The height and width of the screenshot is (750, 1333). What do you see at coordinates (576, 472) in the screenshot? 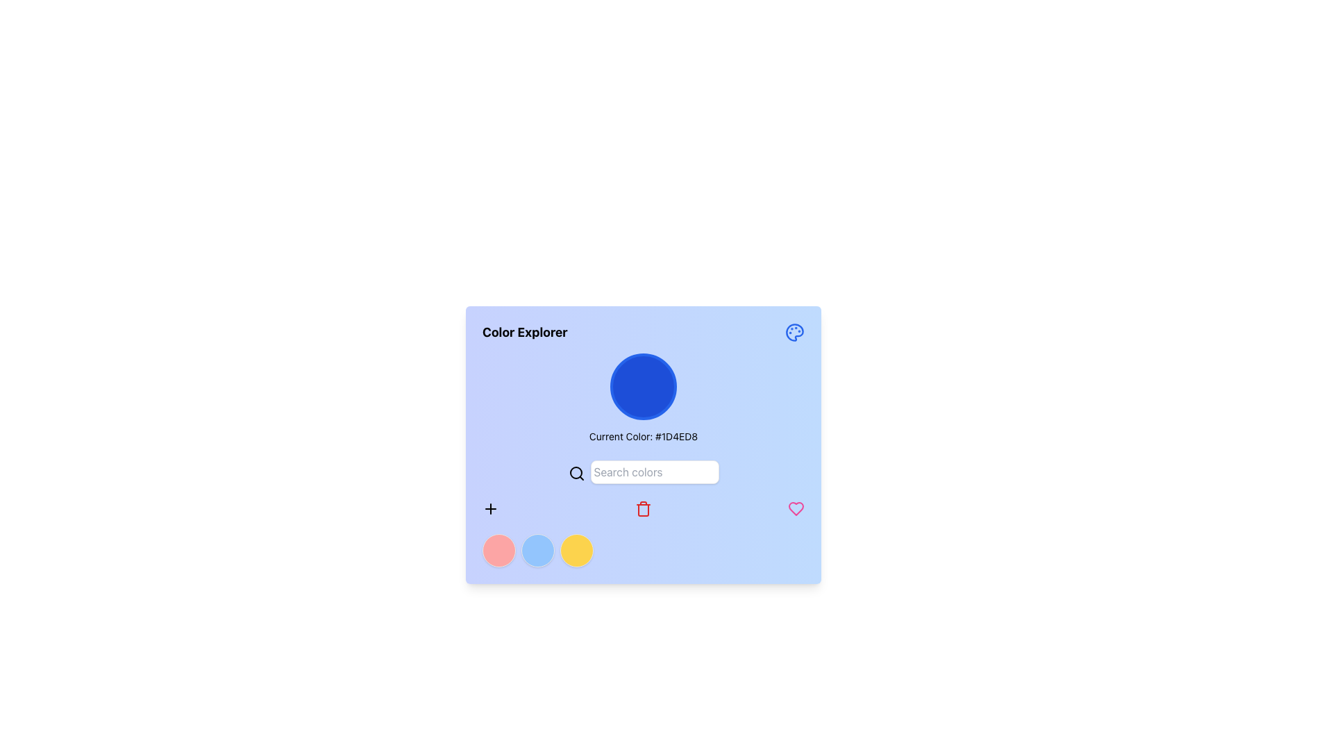
I see `the SVG Circle that is part of the magnifying glass icon, located to the left of the 'Search colors' input field` at bounding box center [576, 472].